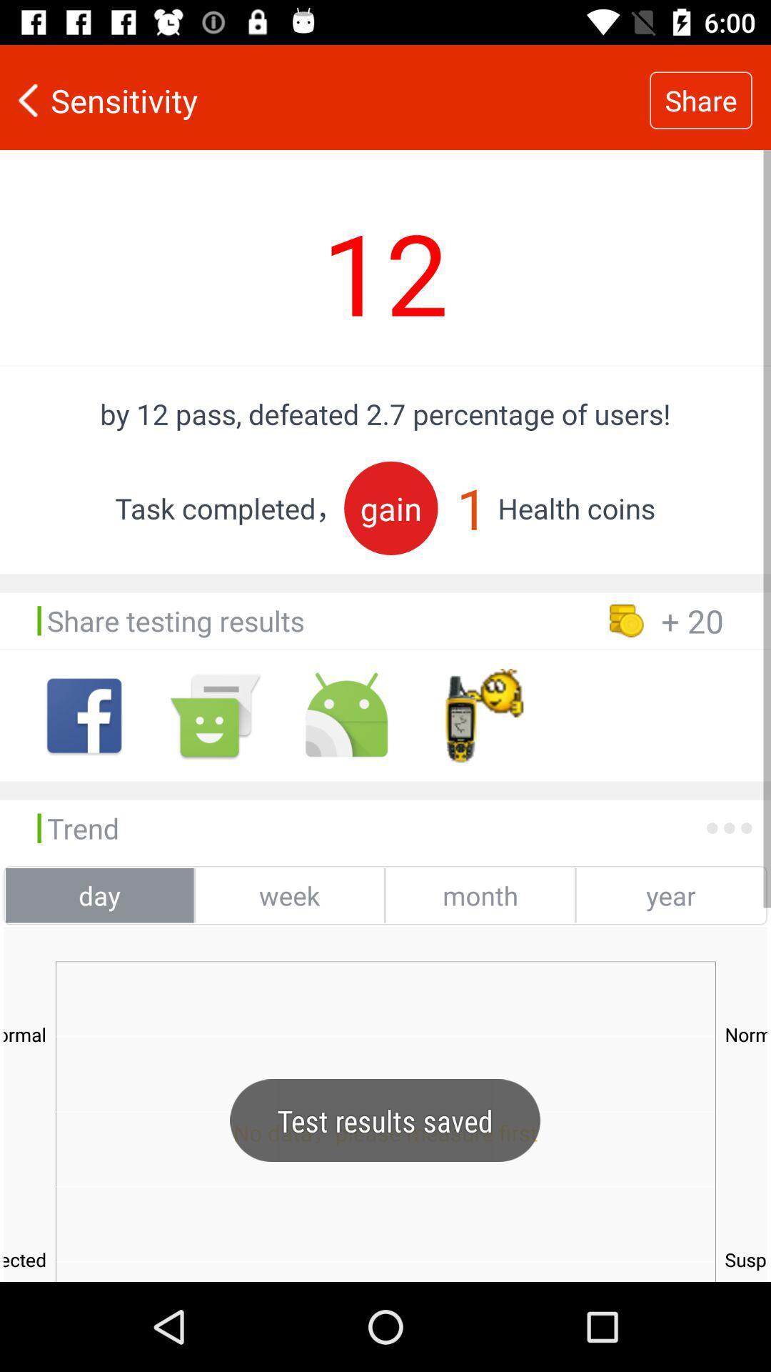  Describe the element at coordinates (84, 715) in the screenshot. I see `facebook` at that location.